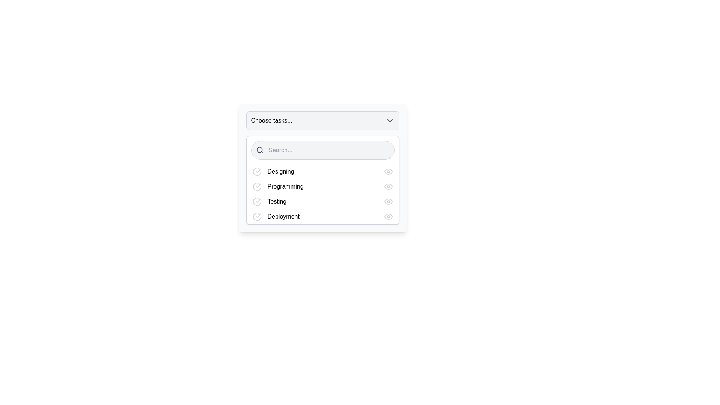  Describe the element at coordinates (388, 186) in the screenshot. I see `the outer curved line of the eye icon SVG component that indicates the visibility of the 'Programming' task, located to the right of the 'Programming' text in the dropdown list` at that location.